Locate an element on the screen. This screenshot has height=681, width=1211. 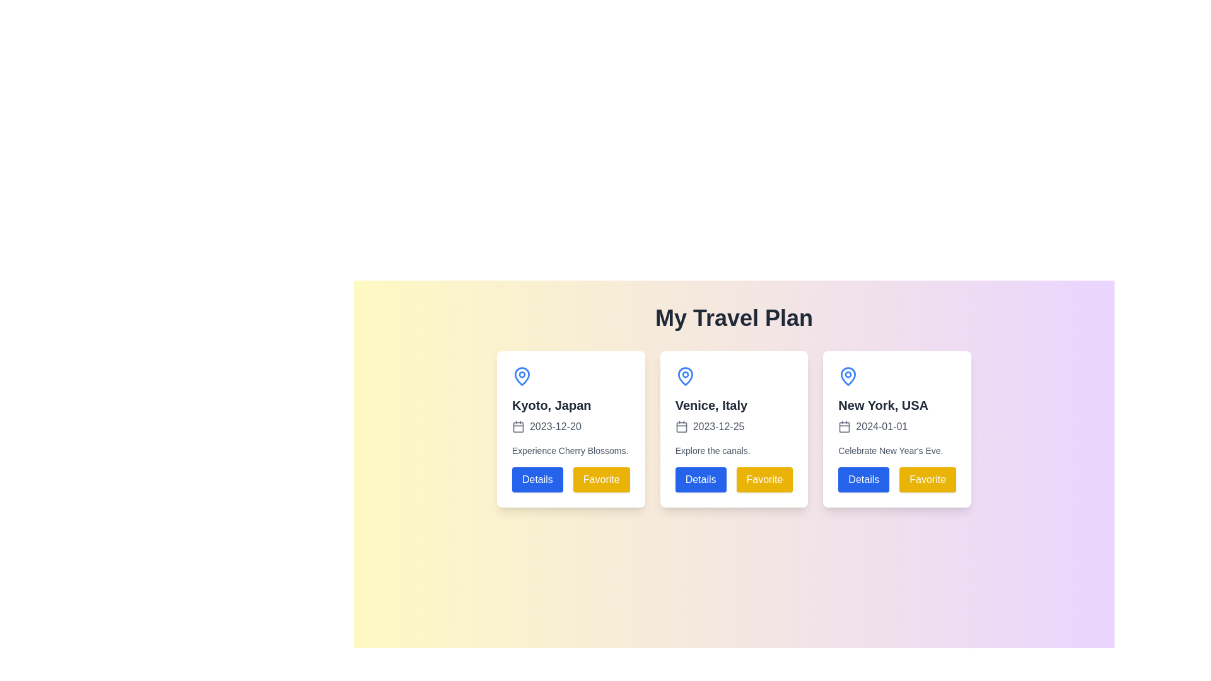
the gray text label displaying the date '2024-01-01' with an associated calendar icon, located in the third card under 'My Travel Plan', below 'New York, USA' is located at coordinates (872, 426).